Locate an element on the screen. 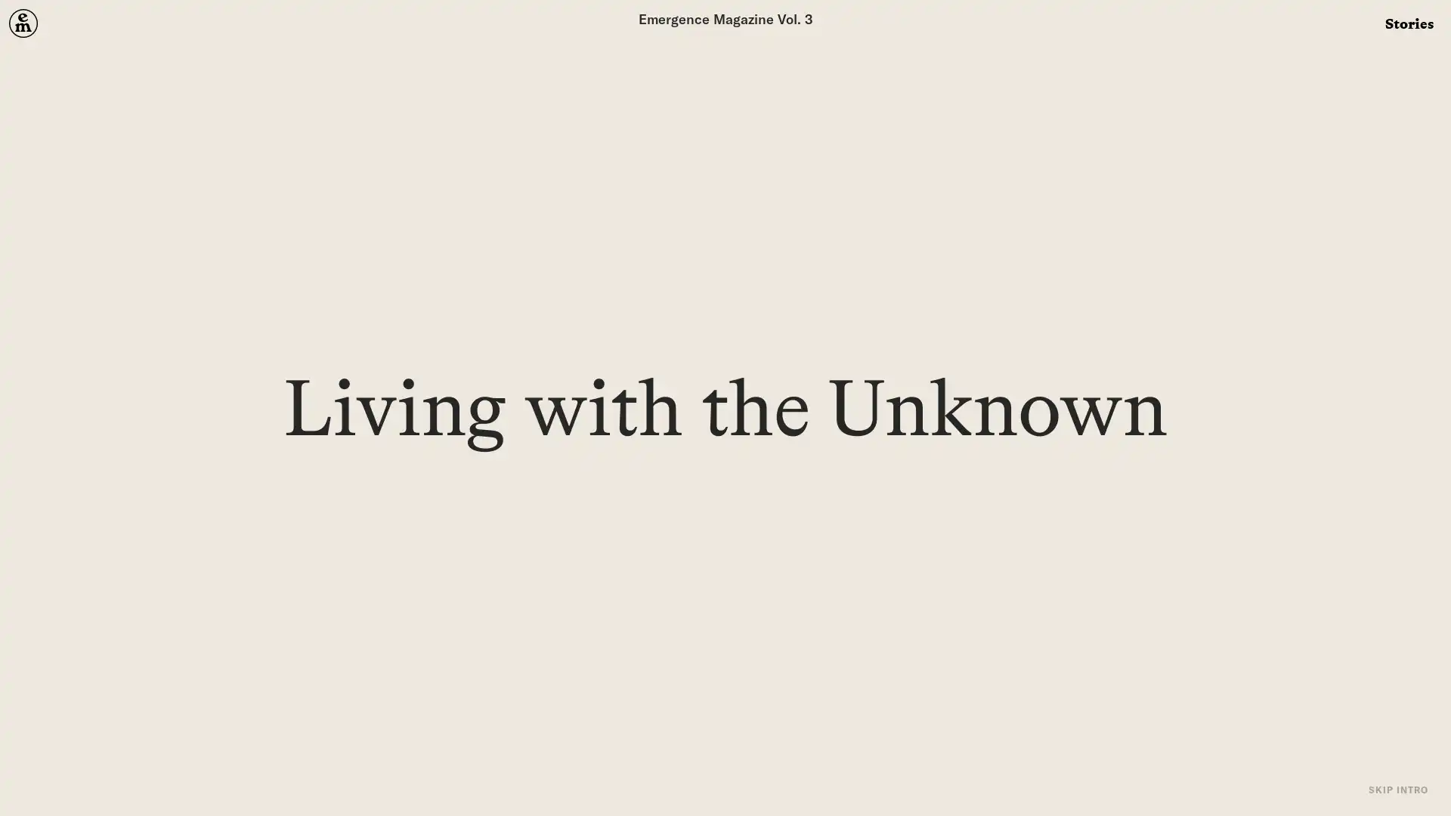 The height and width of the screenshot is (816, 1451). Stories is located at coordinates (1409, 23).